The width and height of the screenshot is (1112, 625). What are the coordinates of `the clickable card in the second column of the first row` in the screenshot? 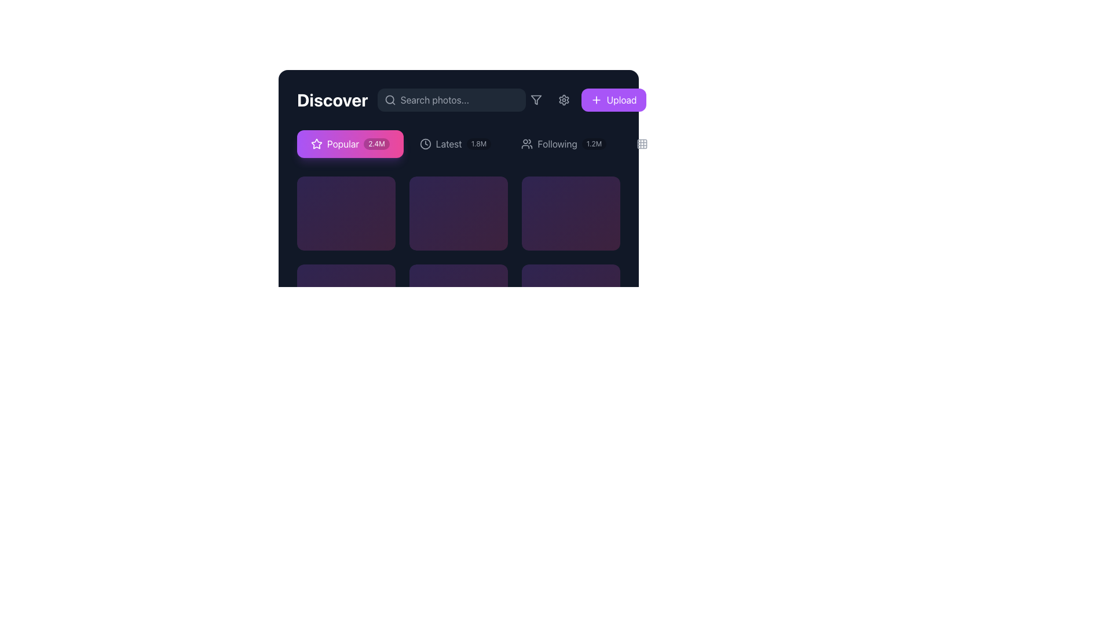 It's located at (458, 212).